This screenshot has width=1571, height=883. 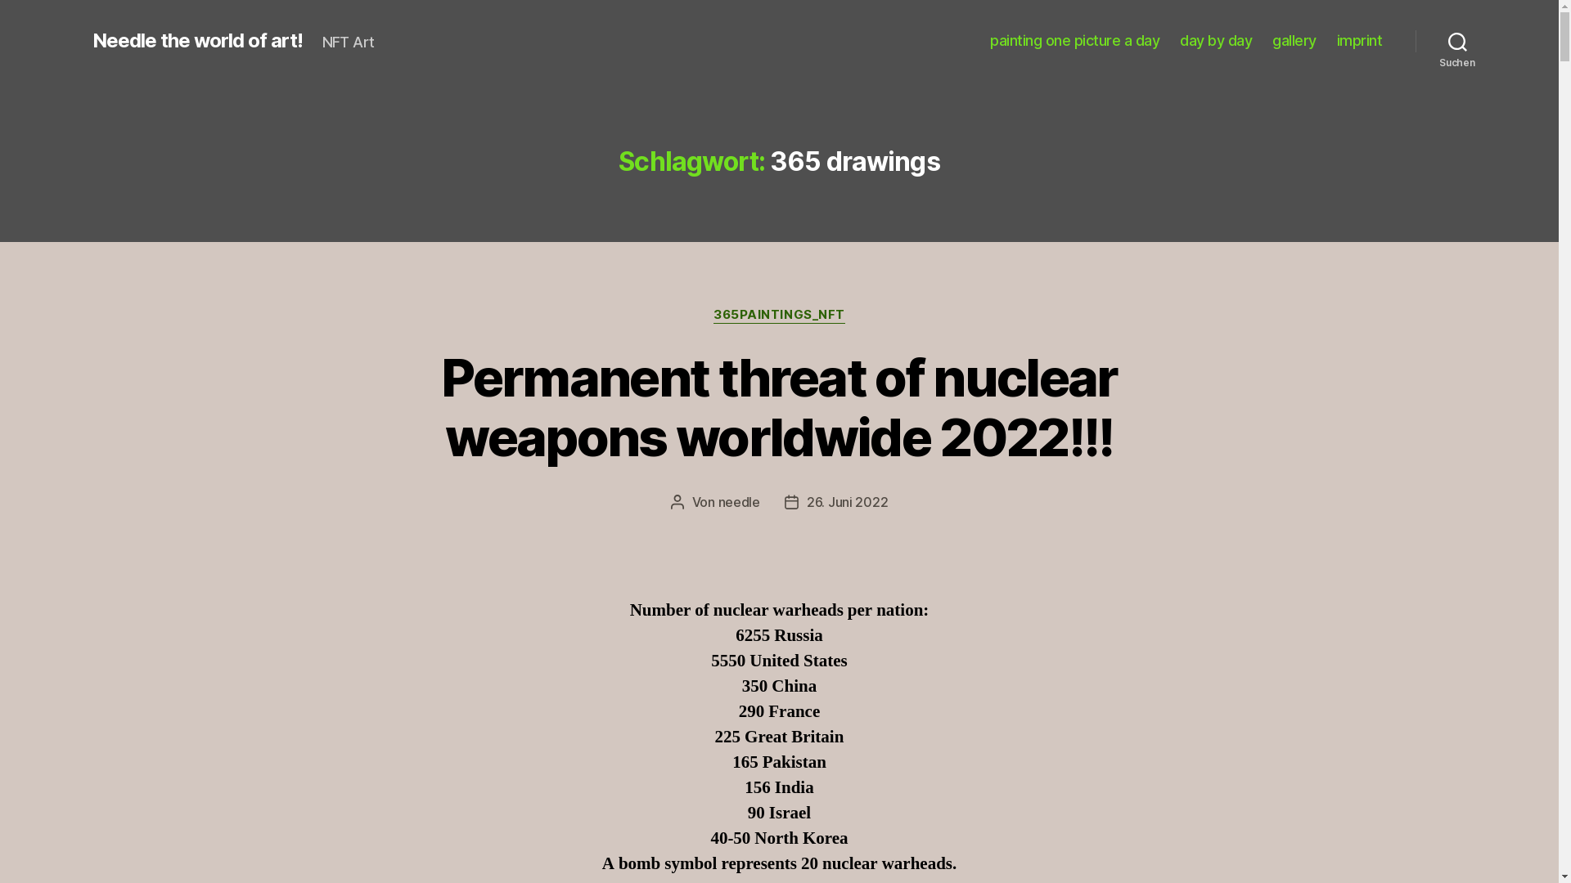 What do you see at coordinates (1074, 40) in the screenshot?
I see `'painting one picture a day'` at bounding box center [1074, 40].